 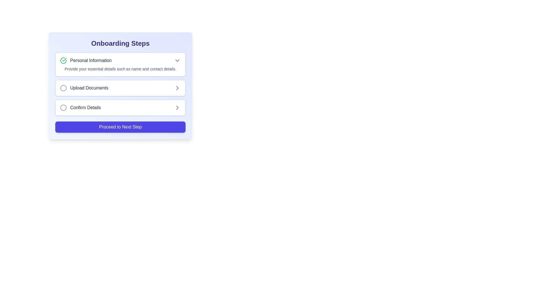 I want to click on the visual indicator icon that shows the completion of the 'Personal Information' section in the onboarding steps, which is positioned at the topmost part of the list aligned with the section title 'Personal Information', so click(x=63, y=61).